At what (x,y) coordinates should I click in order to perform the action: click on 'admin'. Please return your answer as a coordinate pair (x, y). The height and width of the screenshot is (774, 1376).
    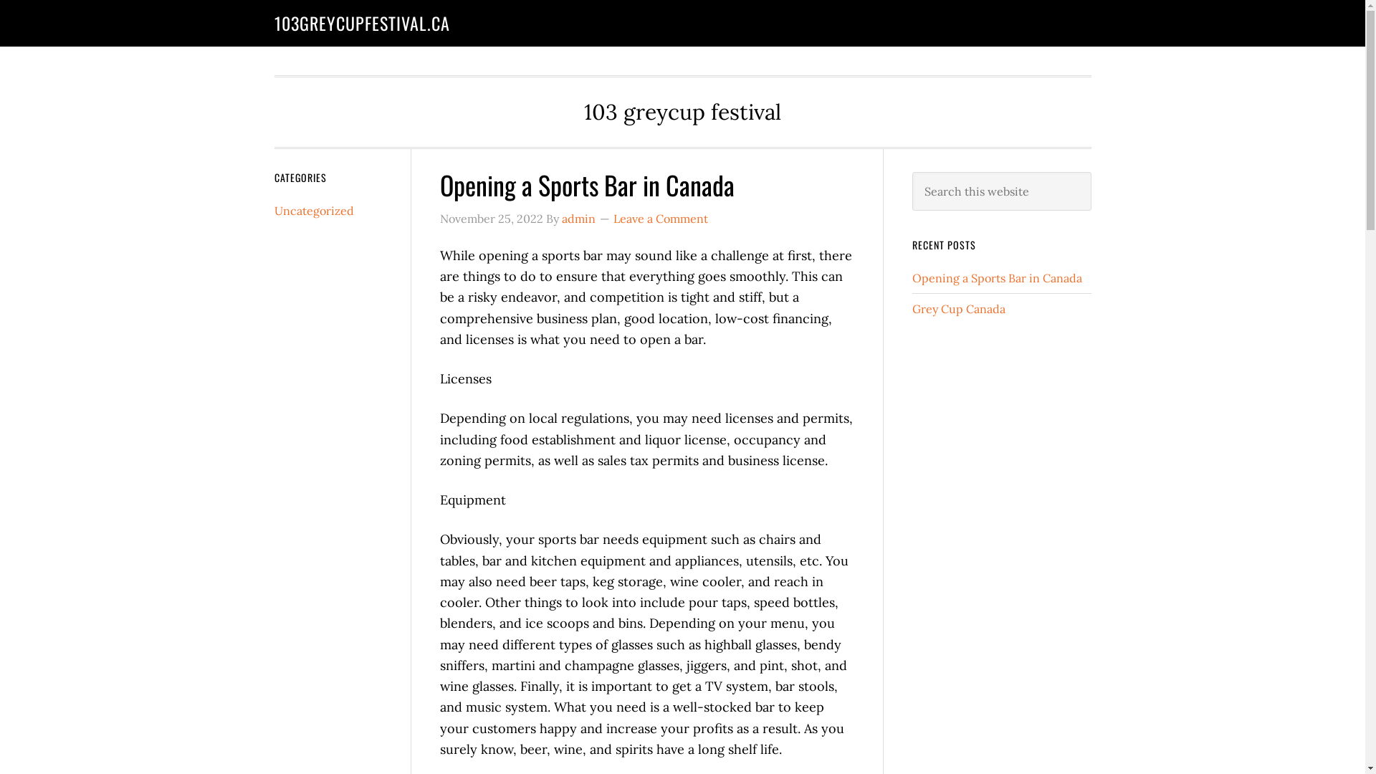
    Looking at the image, I should click on (560, 218).